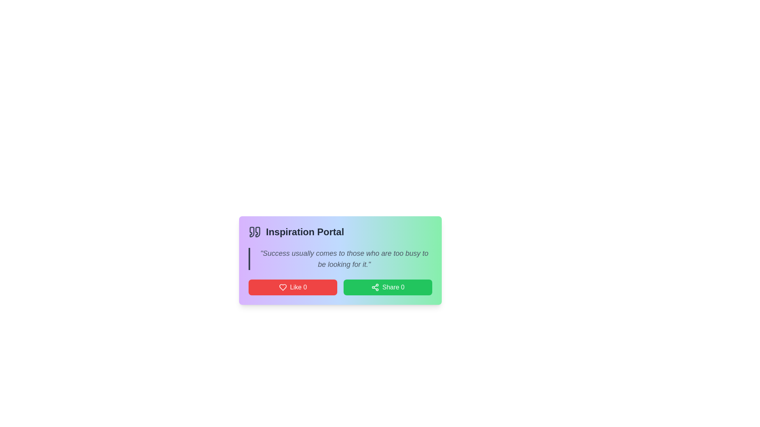 Image resolution: width=760 pixels, height=427 pixels. What do you see at coordinates (292, 287) in the screenshot?
I see `the 'Like' button located at the bottom left of the card to trigger its hover effect` at bounding box center [292, 287].